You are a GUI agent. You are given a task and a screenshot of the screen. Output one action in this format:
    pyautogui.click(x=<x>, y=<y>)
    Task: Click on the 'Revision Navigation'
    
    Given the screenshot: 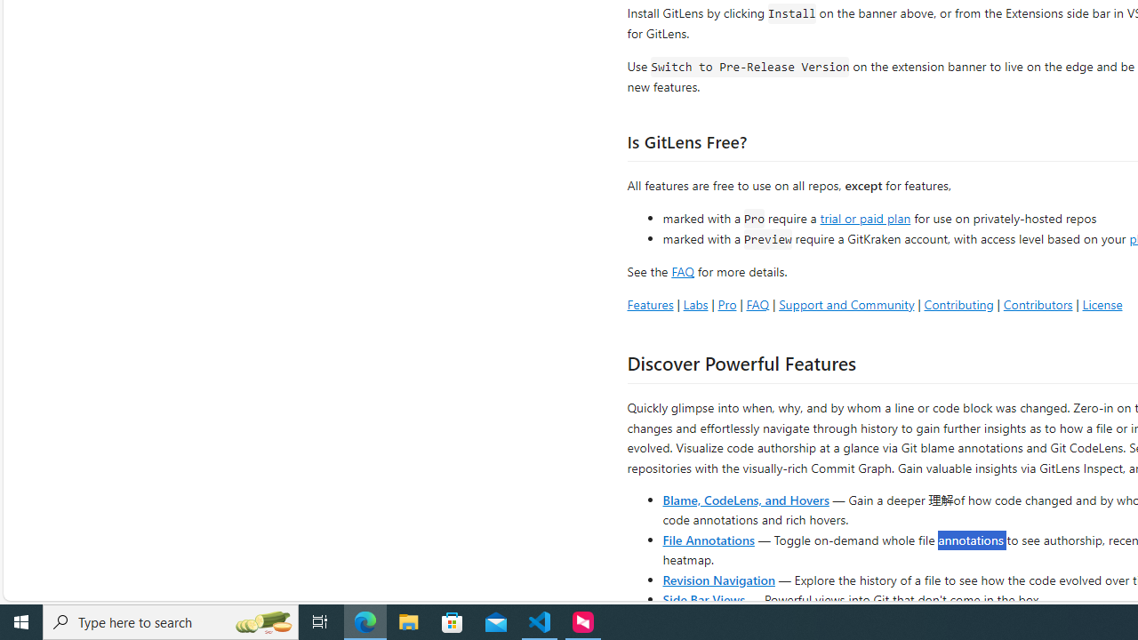 What is the action you would take?
    pyautogui.click(x=718, y=579)
    